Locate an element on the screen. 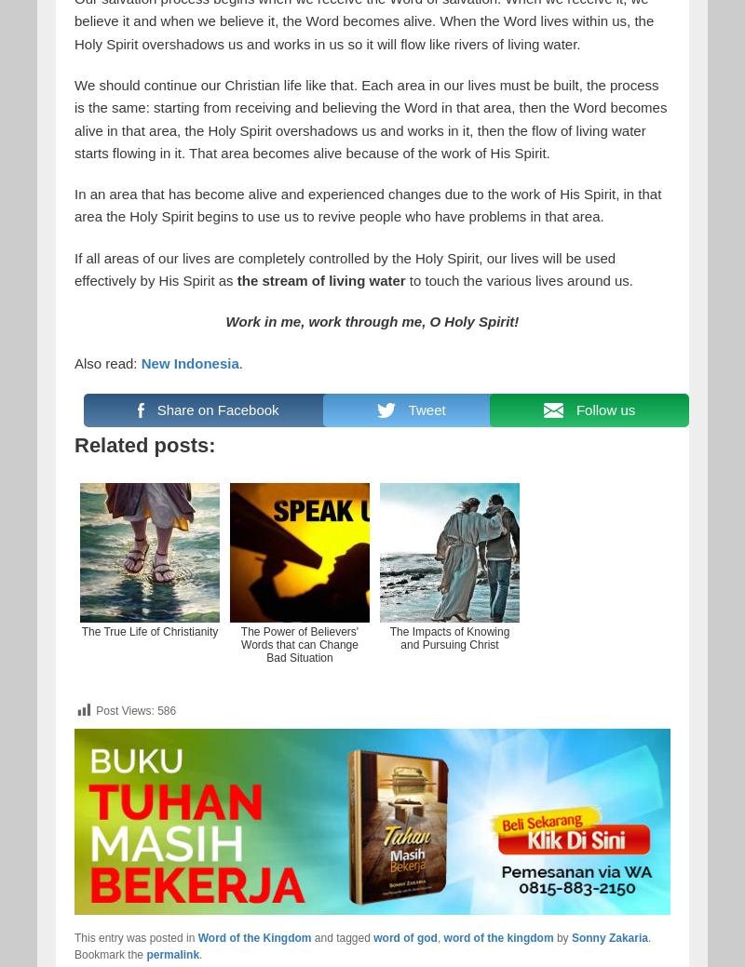 Image resolution: width=745 pixels, height=967 pixels. 'Related posts:' is located at coordinates (74, 443).